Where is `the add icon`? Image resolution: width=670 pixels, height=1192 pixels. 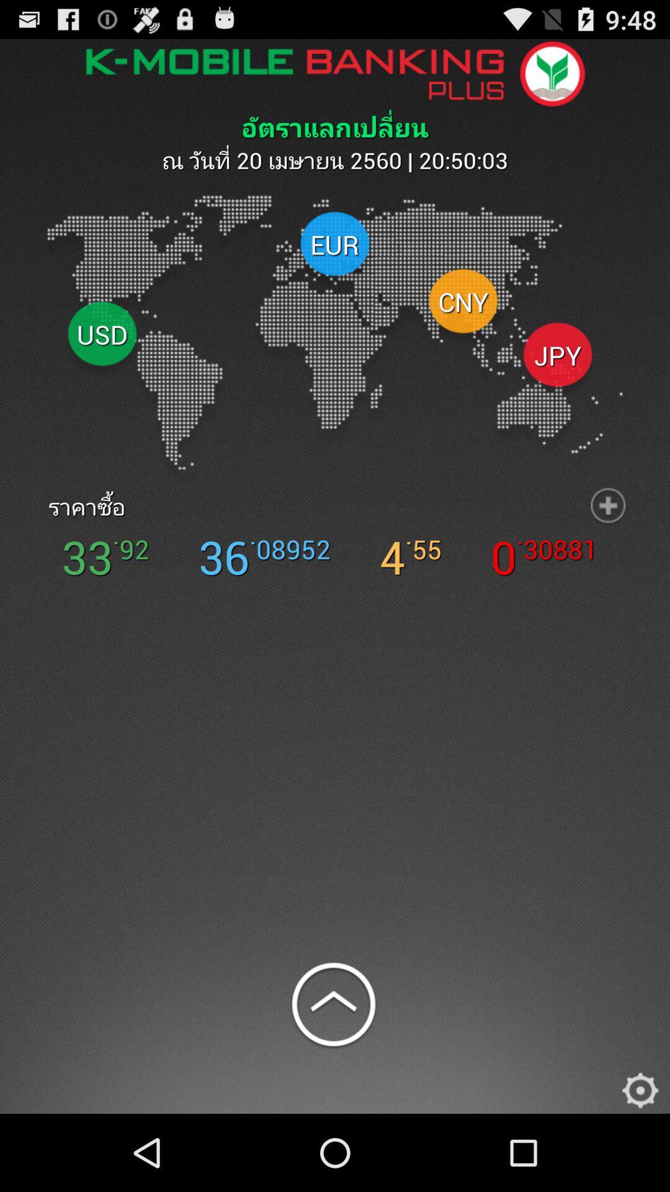 the add icon is located at coordinates (607, 542).